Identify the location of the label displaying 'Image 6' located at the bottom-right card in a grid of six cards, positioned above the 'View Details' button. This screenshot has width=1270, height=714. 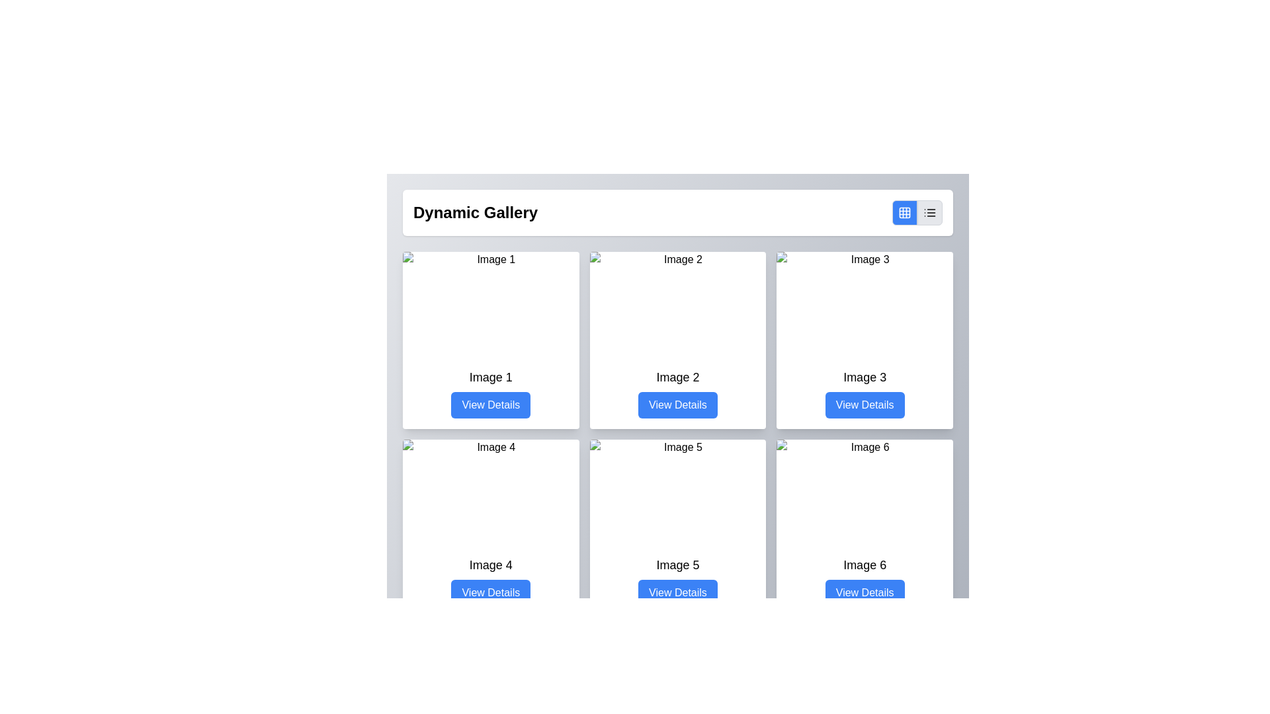
(865, 565).